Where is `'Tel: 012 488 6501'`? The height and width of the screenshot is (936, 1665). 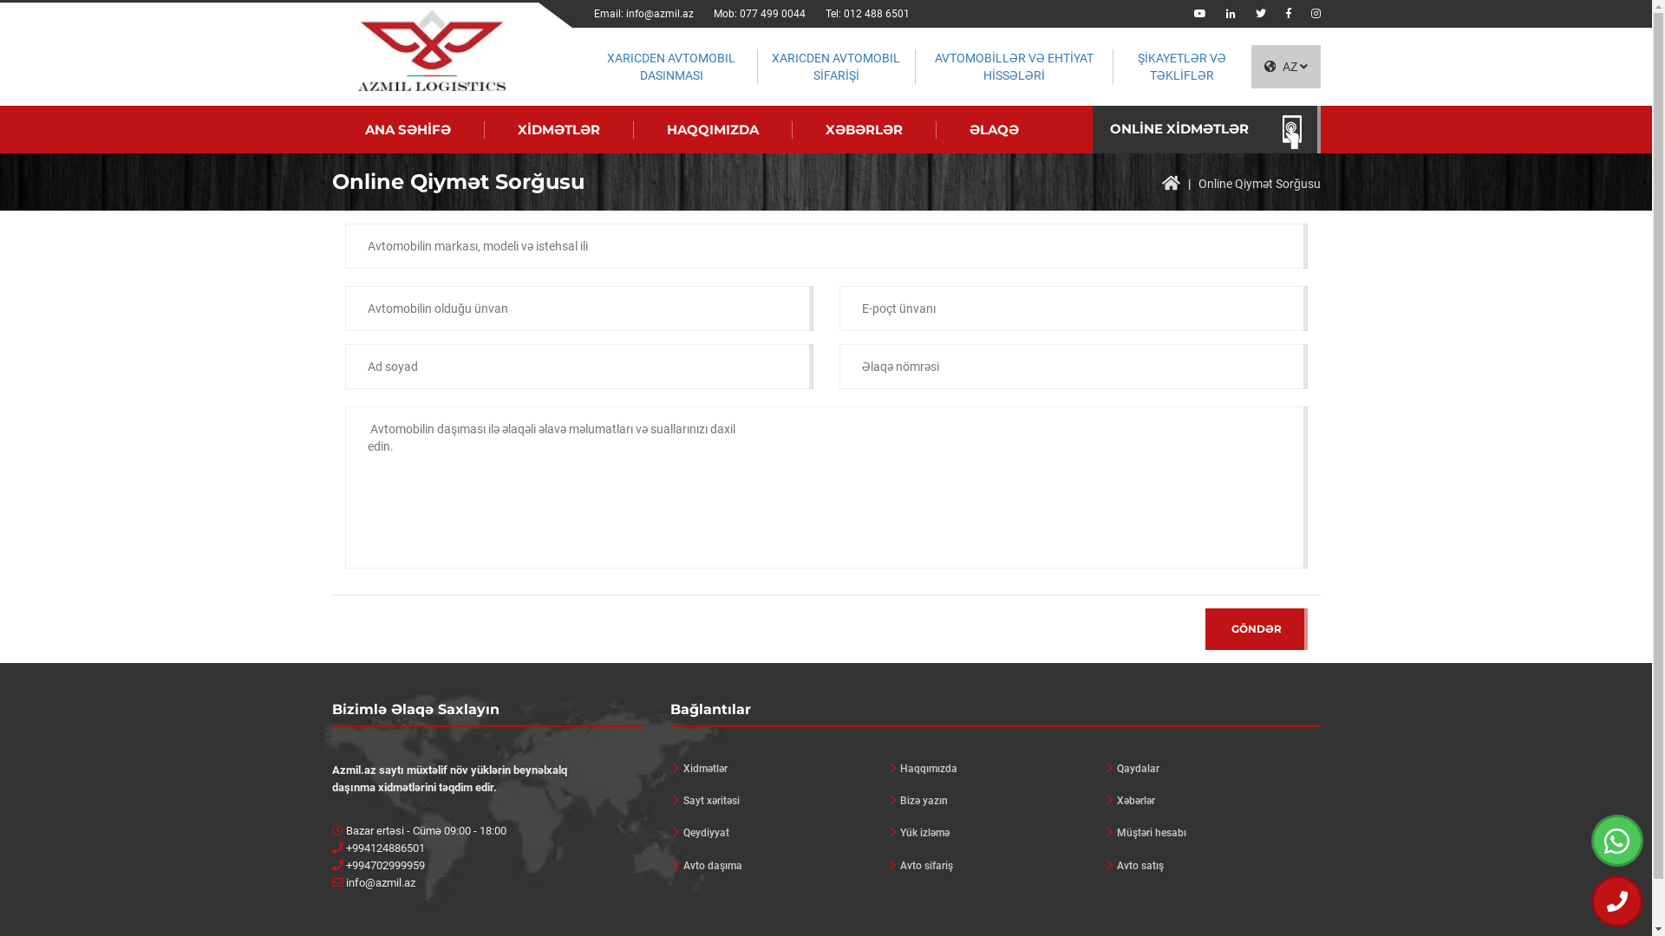 'Tel: 012 488 6501' is located at coordinates (867, 14).